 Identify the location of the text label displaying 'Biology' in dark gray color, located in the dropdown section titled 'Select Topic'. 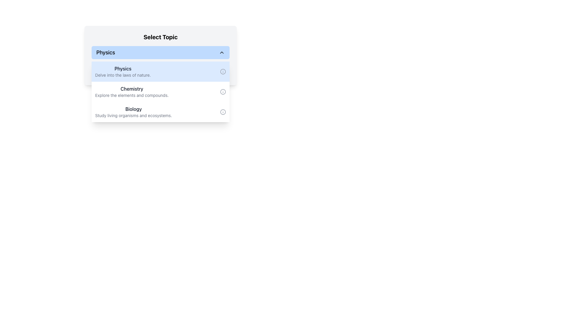
(133, 109).